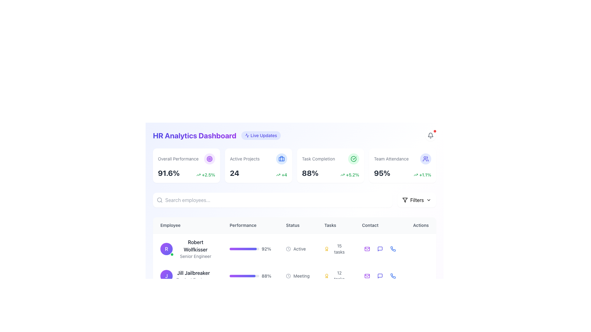 The image size is (591, 332). I want to click on the Text label indicating a 5.2% improvement in task completion located in the bottom-right corner of the 'Task Completion' section of the dashboard, so click(350, 175).